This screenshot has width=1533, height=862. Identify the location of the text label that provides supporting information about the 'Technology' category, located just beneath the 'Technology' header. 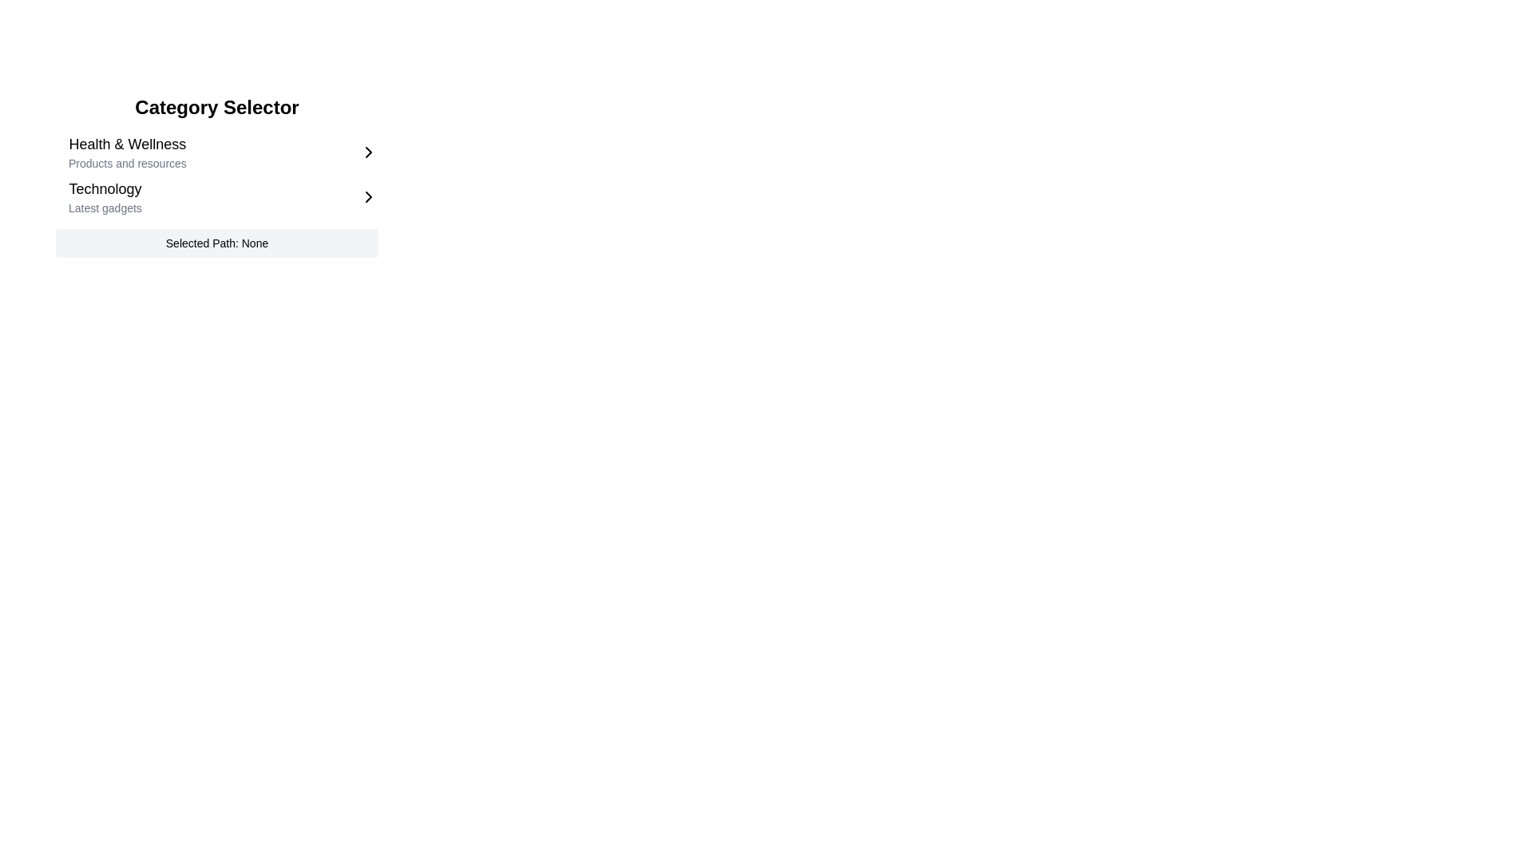
(104, 208).